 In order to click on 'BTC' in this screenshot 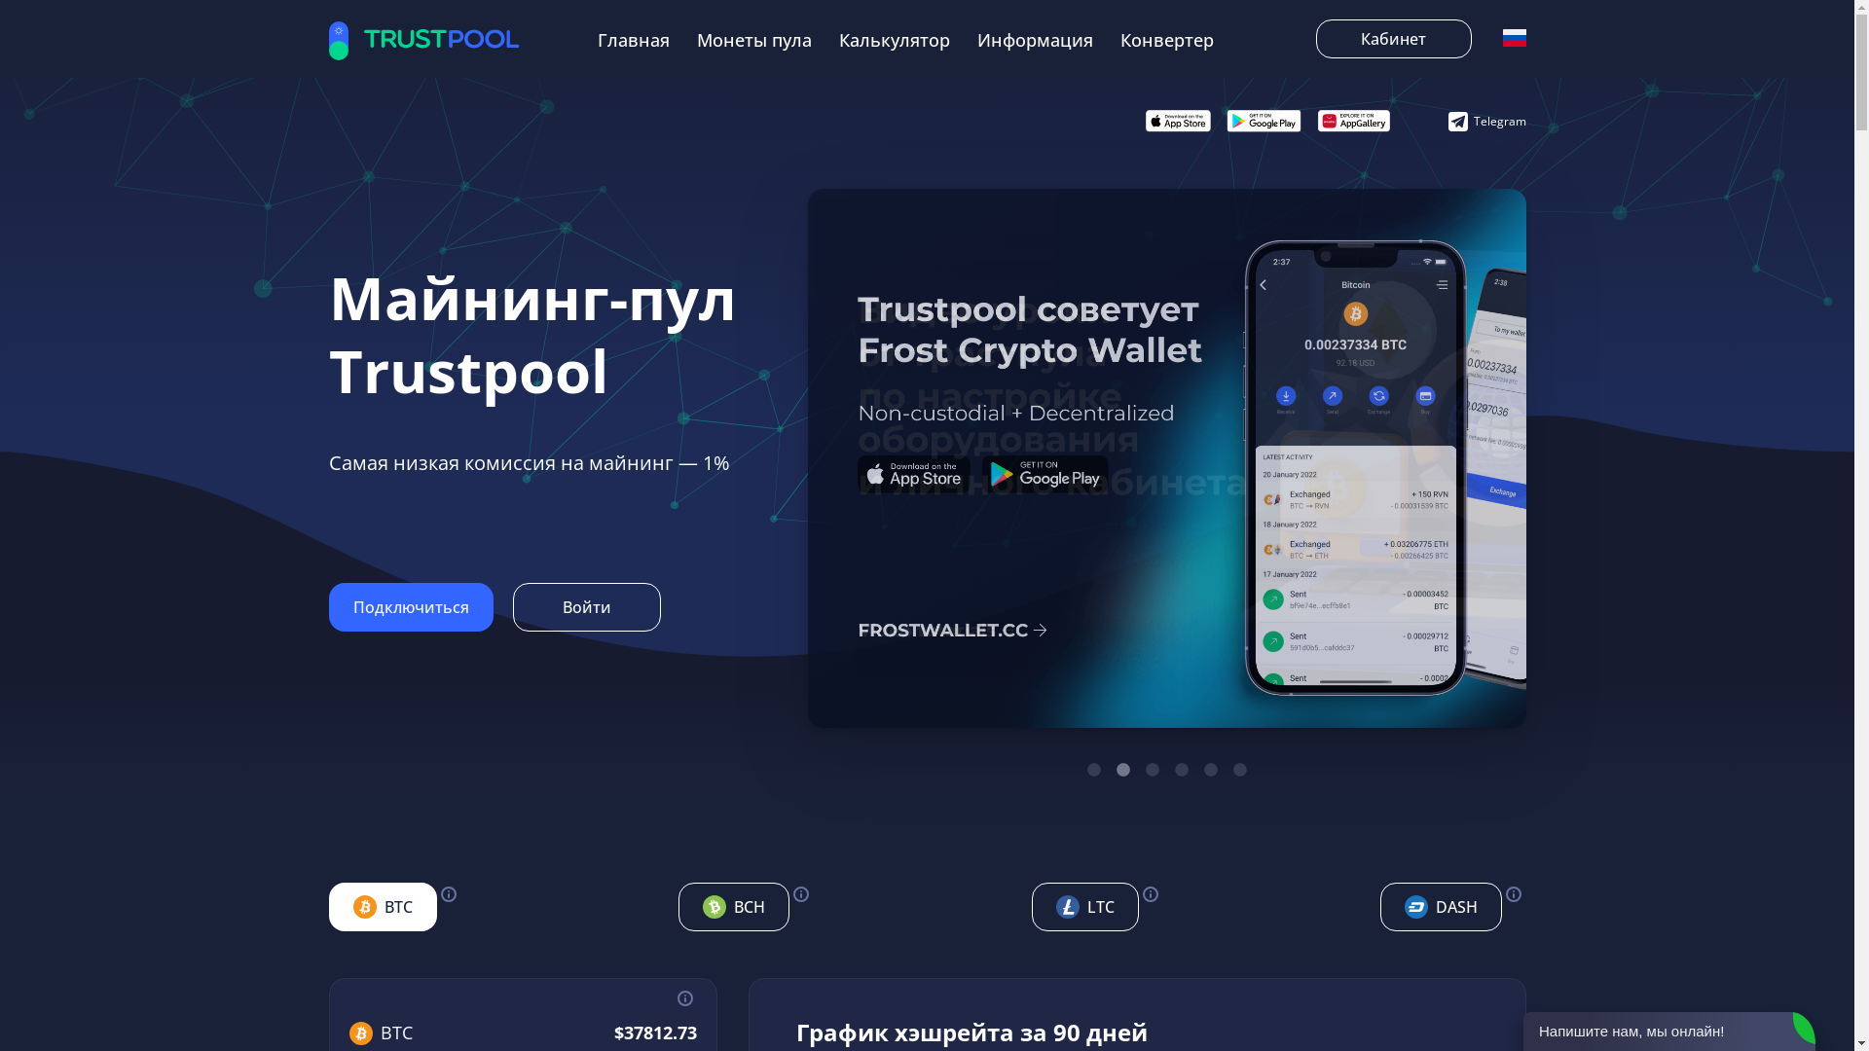, I will do `click(383, 905)`.